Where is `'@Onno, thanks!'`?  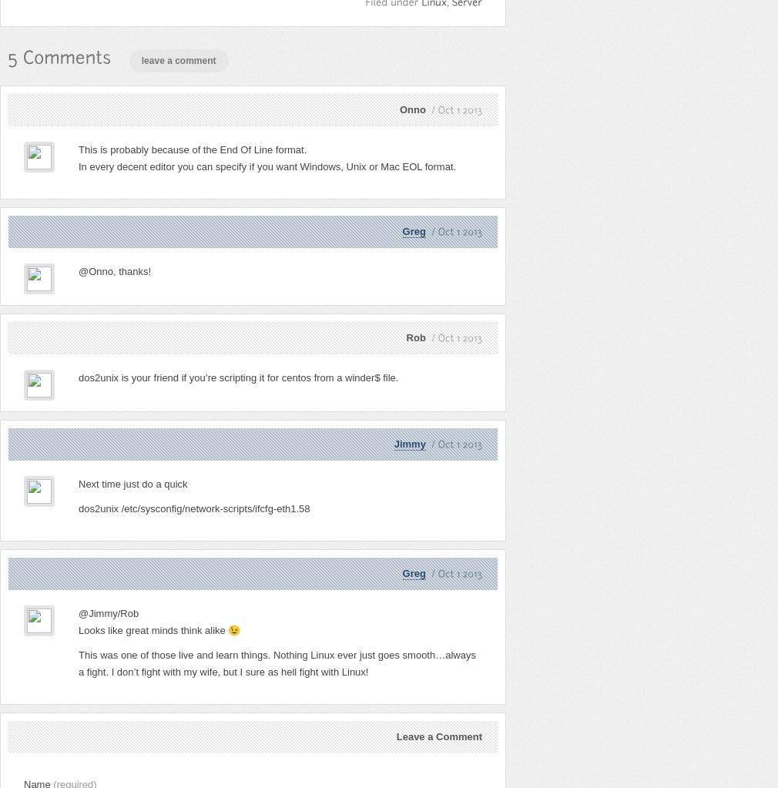 '@Onno, thanks!' is located at coordinates (113, 271).